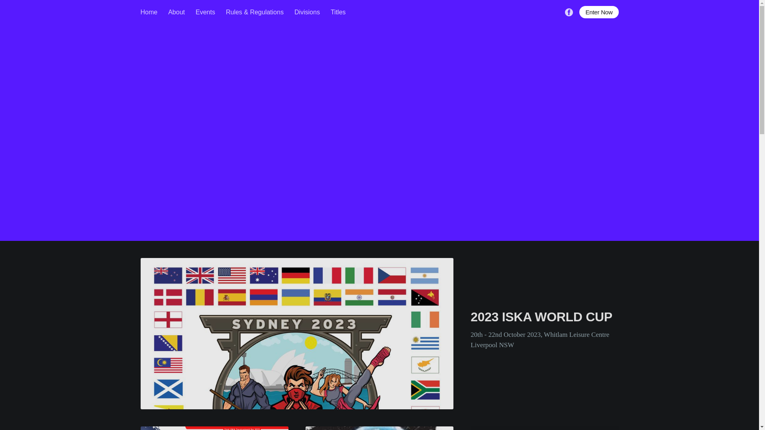  I want to click on 'Titles', so click(338, 12).